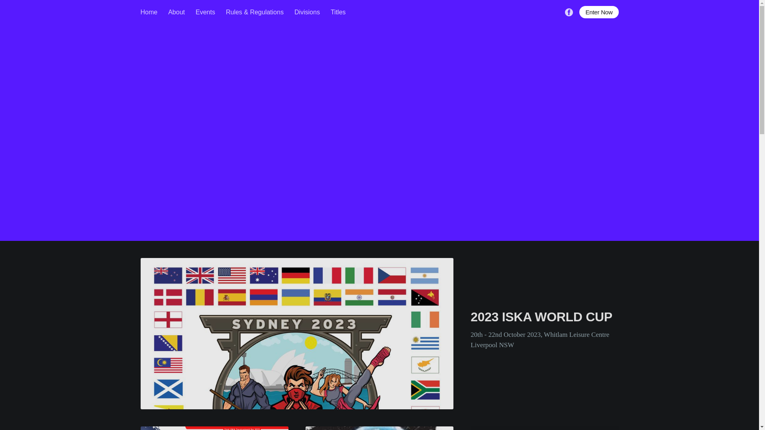  I want to click on 'Titles', so click(338, 12).